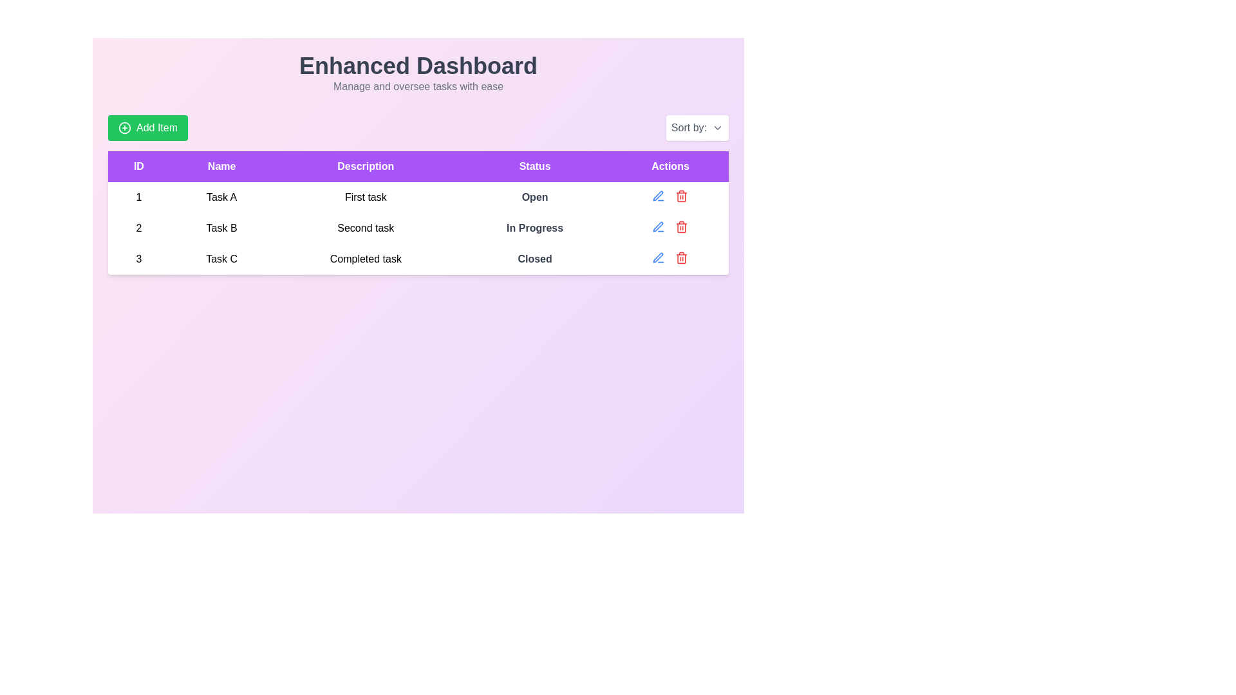 Image resolution: width=1236 pixels, height=695 pixels. What do you see at coordinates (658, 196) in the screenshot?
I see `the edit icon button depicting a pen symbol located in the 'Actions' column of the third row for the task 'Task C'` at bounding box center [658, 196].